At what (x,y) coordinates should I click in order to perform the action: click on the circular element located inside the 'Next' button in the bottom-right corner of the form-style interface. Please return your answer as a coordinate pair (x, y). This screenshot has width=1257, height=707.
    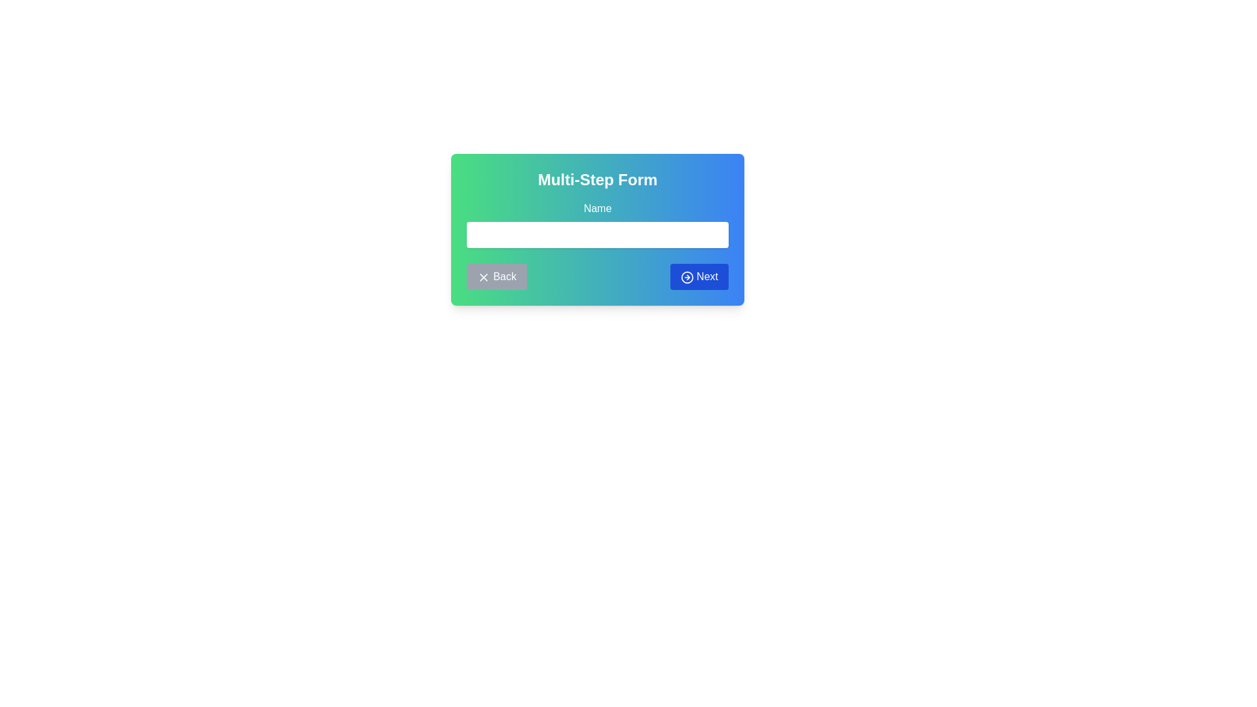
    Looking at the image, I should click on (686, 276).